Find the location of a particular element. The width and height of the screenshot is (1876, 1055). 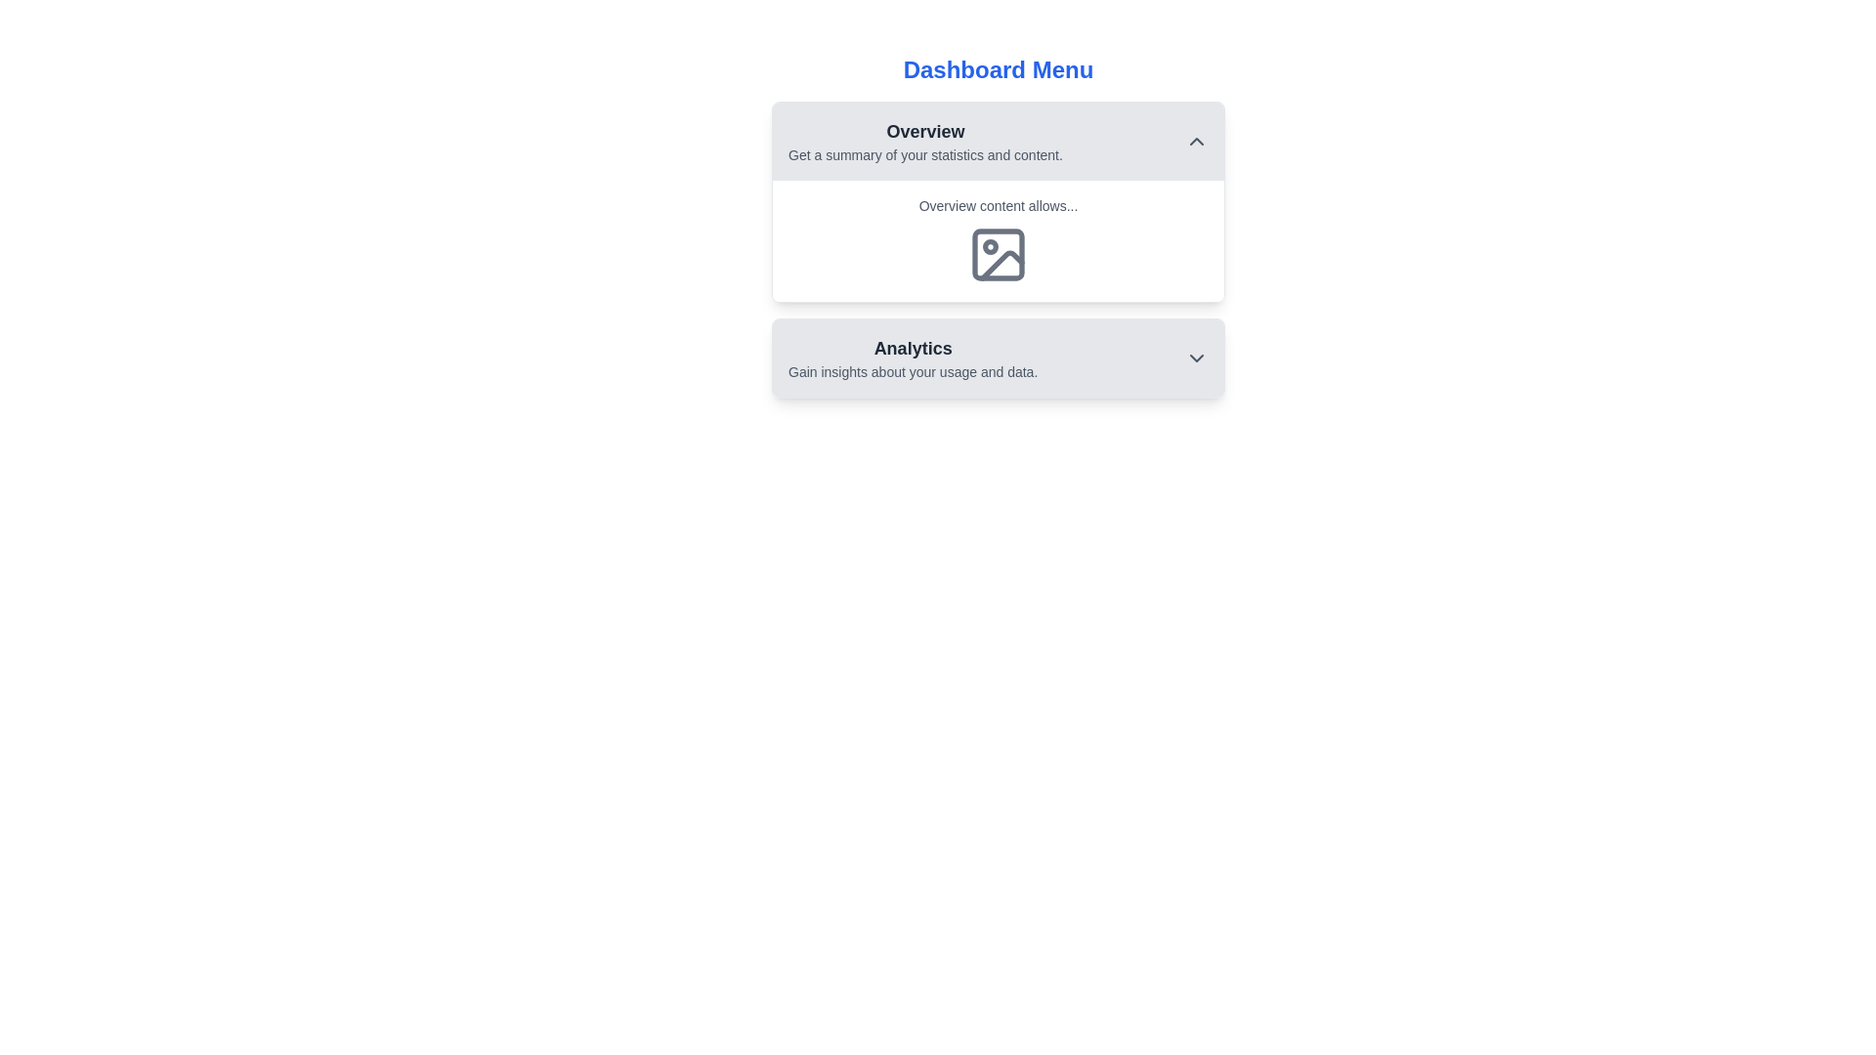

the Icon button located to the far right within the 'Analytics' menu item is located at coordinates (1195, 358).